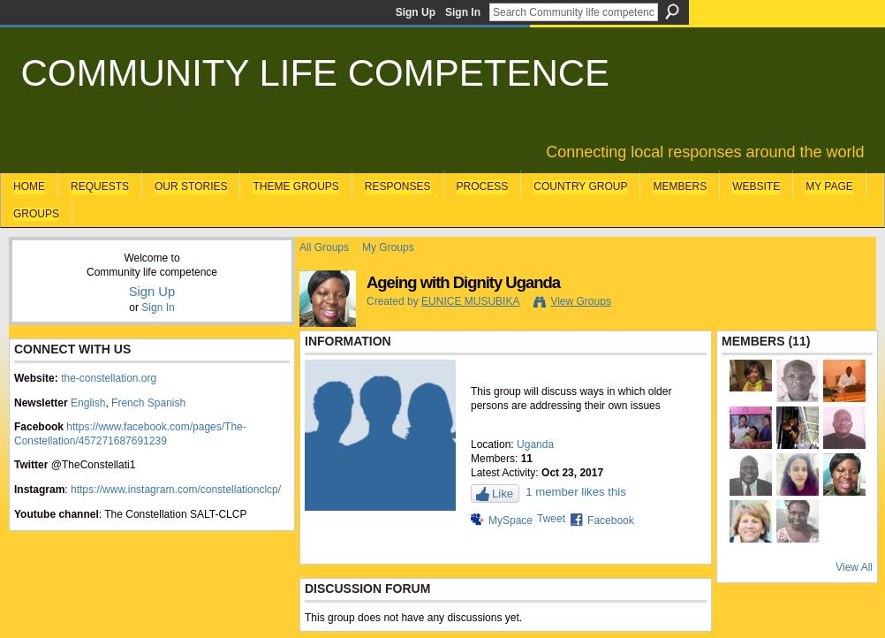 The width and height of the screenshot is (885, 638). What do you see at coordinates (67, 487) in the screenshot?
I see `':'` at bounding box center [67, 487].